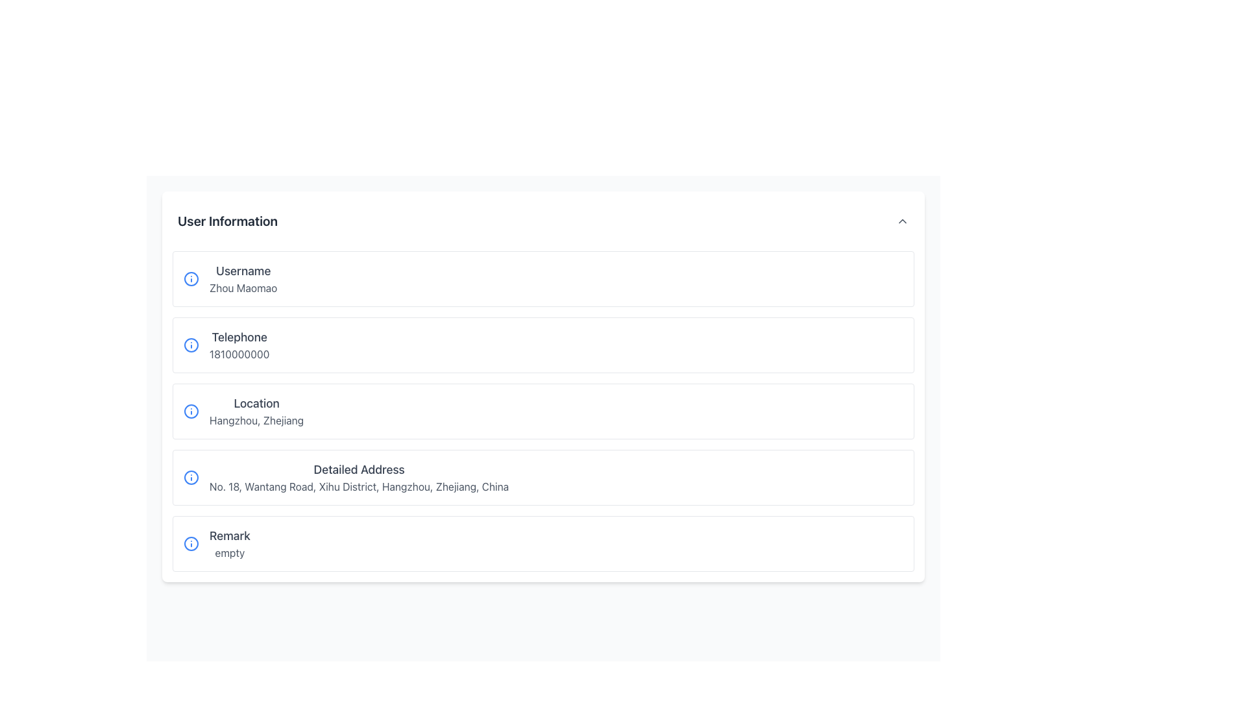 Image resolution: width=1246 pixels, height=701 pixels. Describe the element at coordinates (902, 220) in the screenshot. I see `the upward-pointing chevron arrow icon located to the far right of the 'User Information' header` at that location.